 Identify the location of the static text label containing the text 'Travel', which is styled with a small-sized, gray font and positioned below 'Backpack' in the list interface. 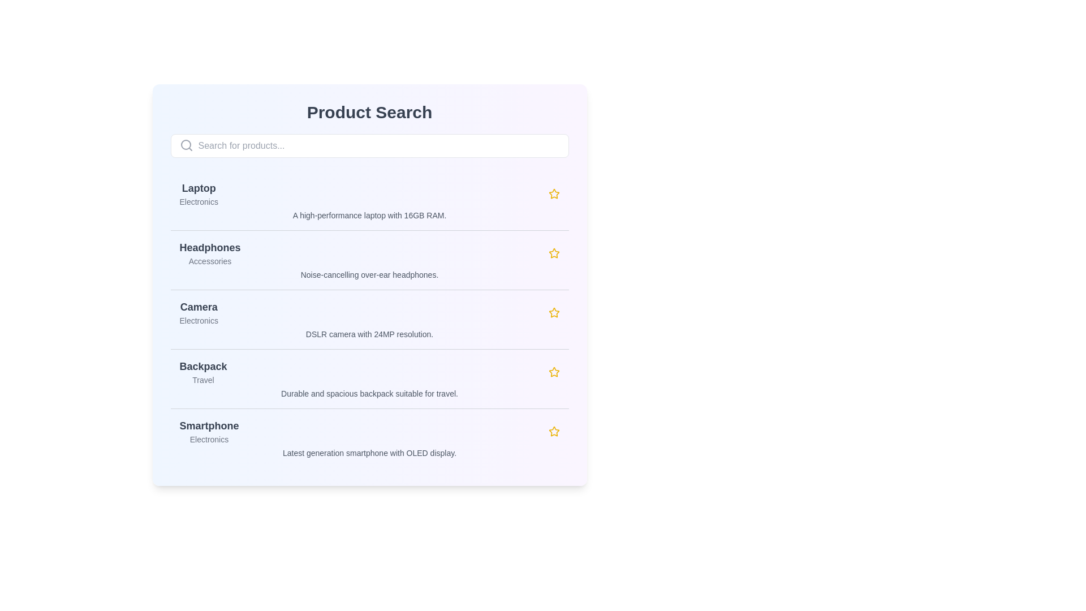
(203, 380).